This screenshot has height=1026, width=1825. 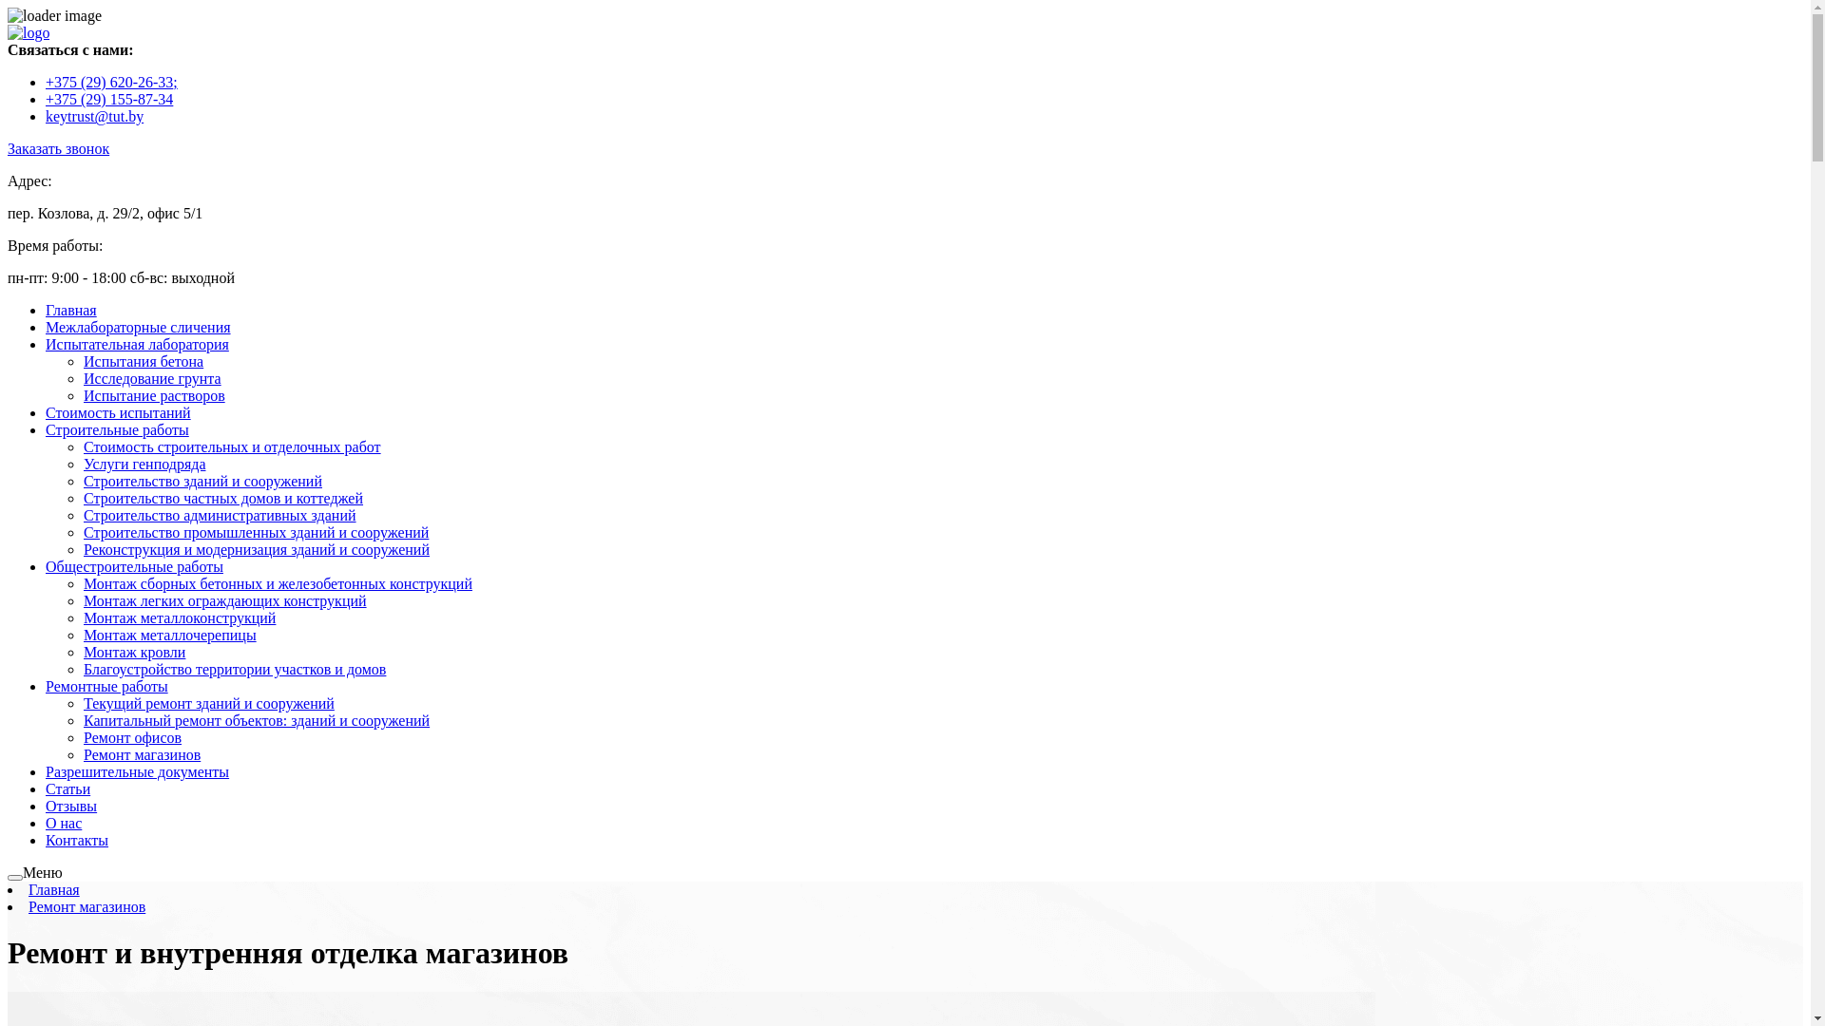 What do you see at coordinates (108, 99) in the screenshot?
I see `'+375 (29) 155-87-34'` at bounding box center [108, 99].